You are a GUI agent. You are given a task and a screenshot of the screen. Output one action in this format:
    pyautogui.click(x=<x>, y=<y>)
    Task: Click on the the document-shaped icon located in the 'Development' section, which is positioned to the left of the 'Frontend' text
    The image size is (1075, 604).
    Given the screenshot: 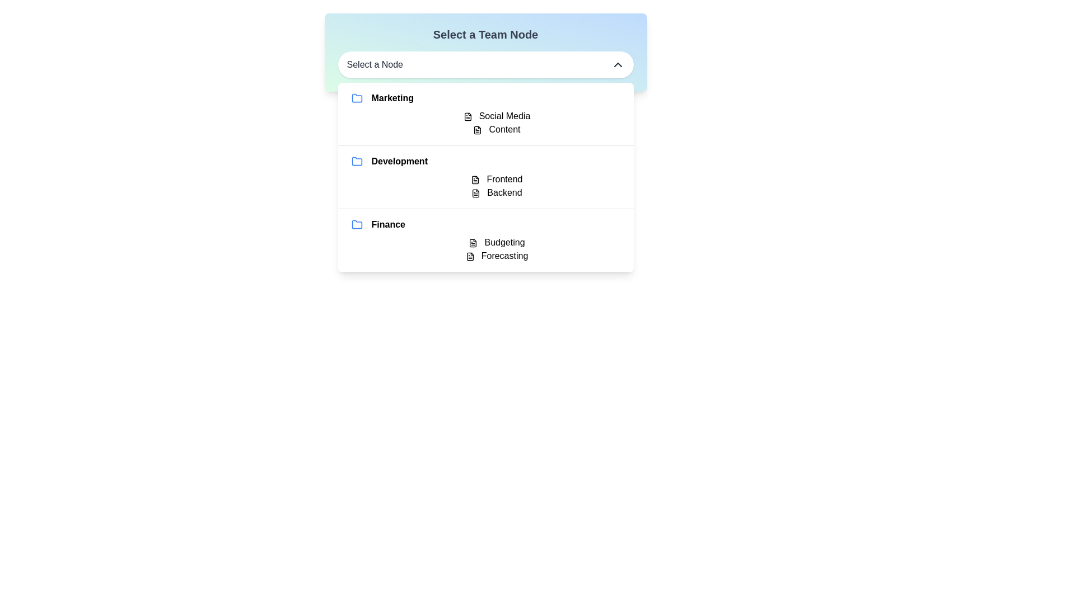 What is the action you would take?
    pyautogui.click(x=475, y=179)
    